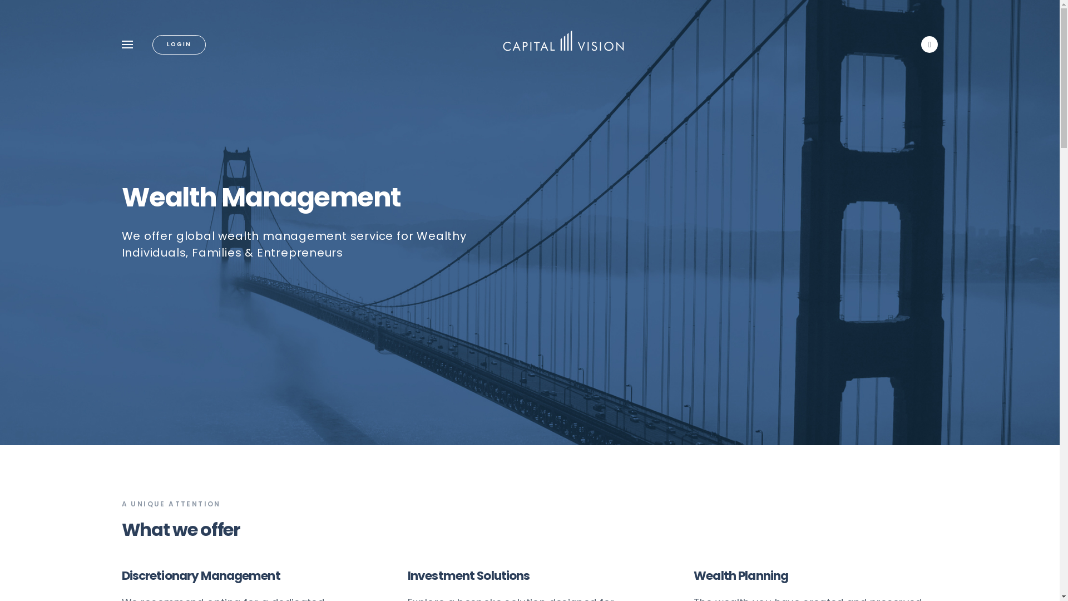 This screenshot has height=601, width=1068. Describe the element at coordinates (179, 43) in the screenshot. I see `'LOGIN'` at that location.